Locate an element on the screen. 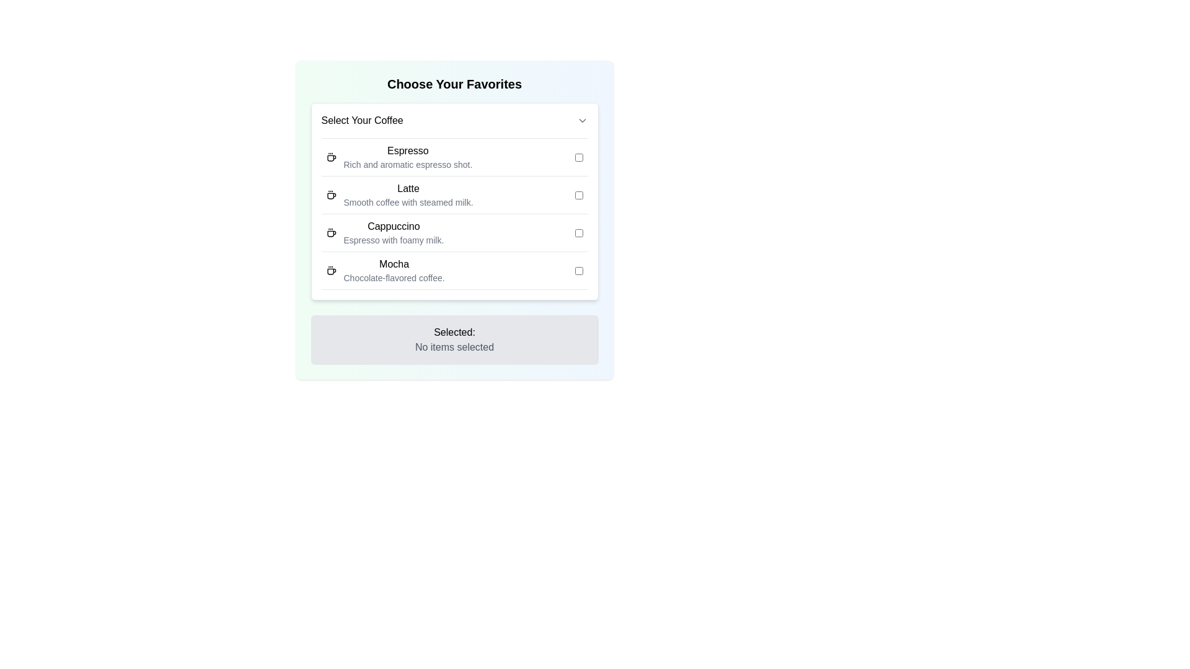  the last selectable coffee option in the list is located at coordinates (454, 270).